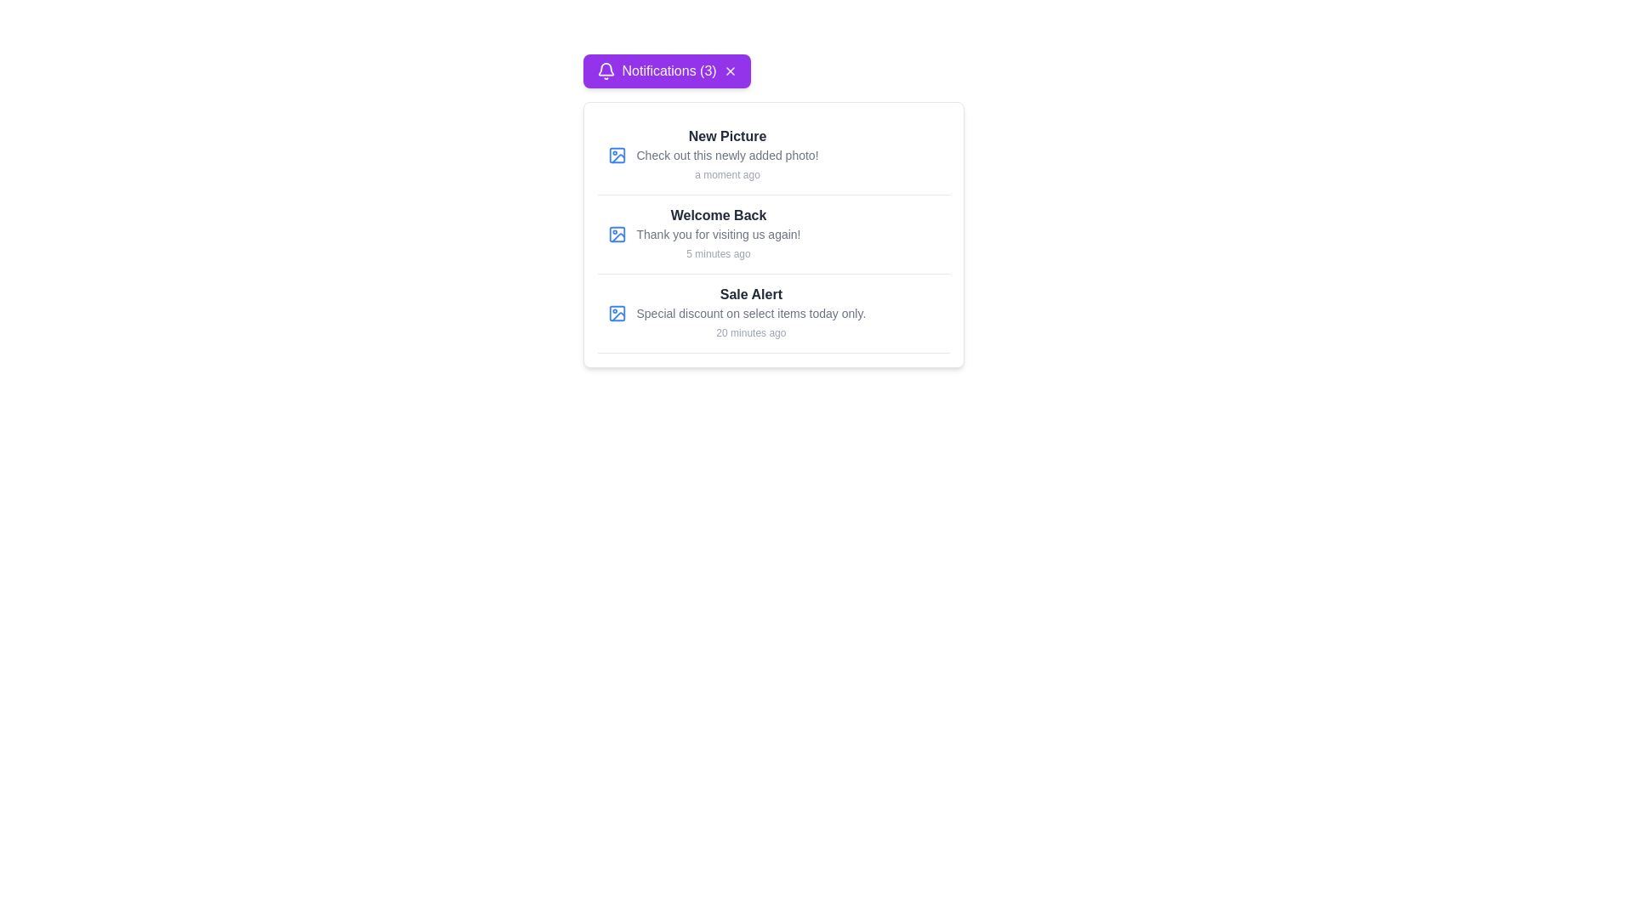  Describe the element at coordinates (772, 235) in the screenshot. I see `the second Notification item in the list that displays 'Welcome Back'` at that location.